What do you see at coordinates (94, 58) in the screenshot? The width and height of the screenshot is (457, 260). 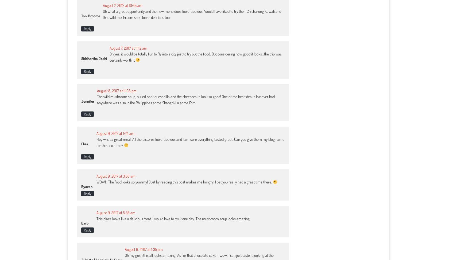 I see `'Siddhartha Joshi'` at bounding box center [94, 58].